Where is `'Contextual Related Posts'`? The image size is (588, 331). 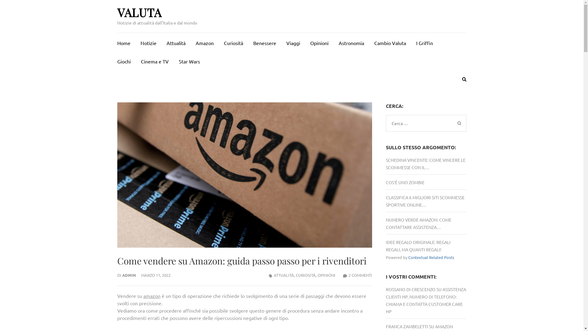
'Contextual Related Posts' is located at coordinates (431, 257).